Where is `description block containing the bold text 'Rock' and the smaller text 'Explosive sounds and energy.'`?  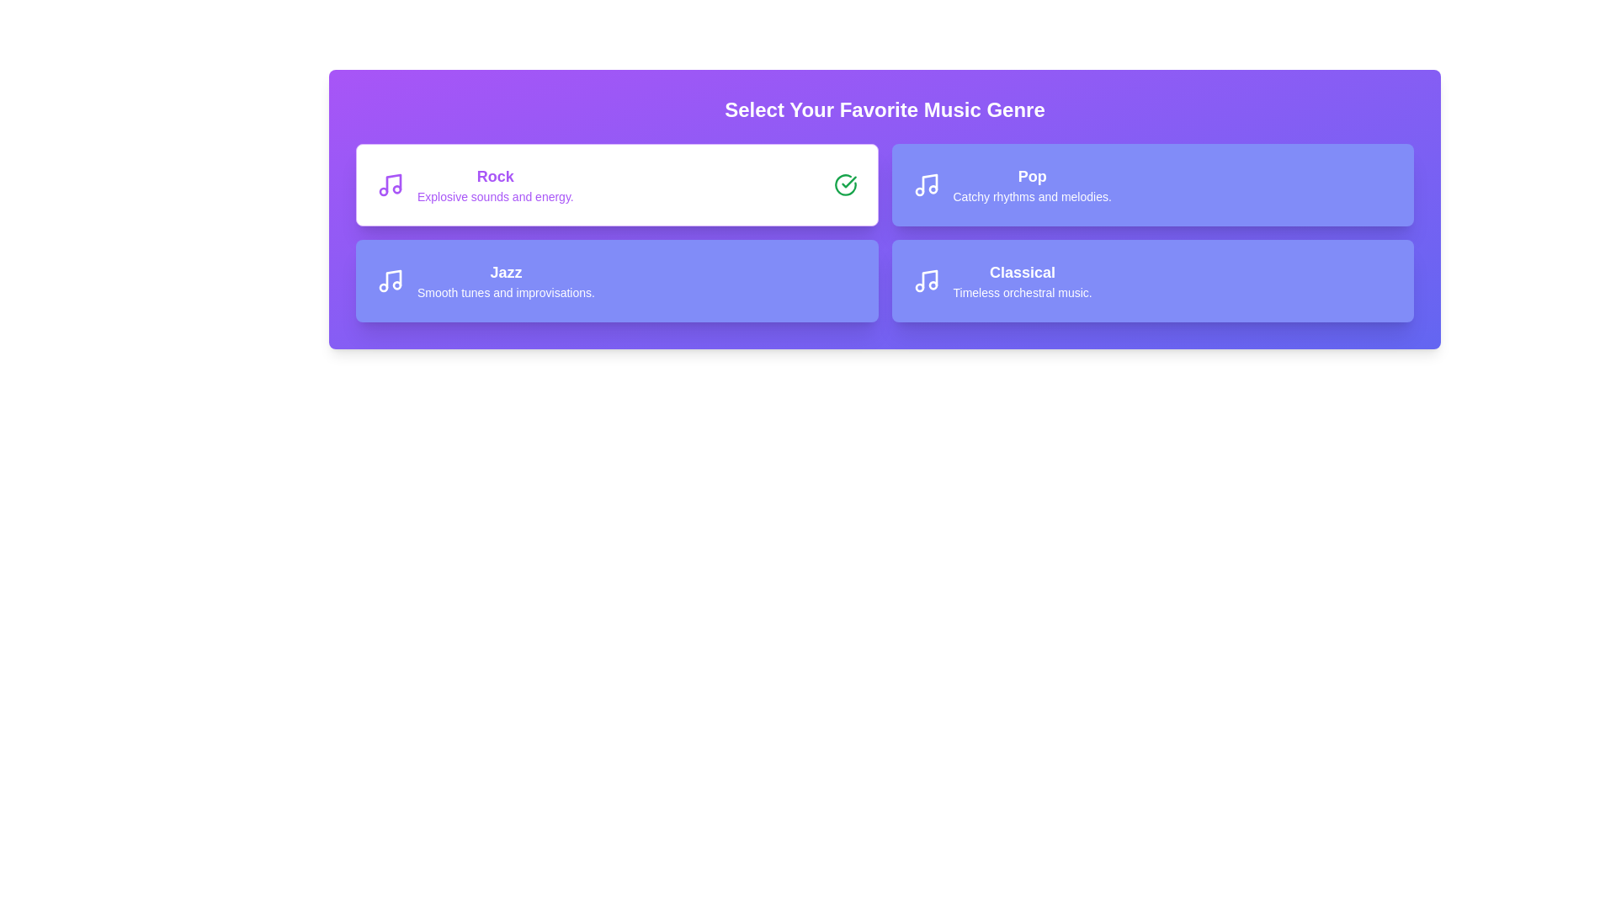
description block containing the bold text 'Rock' and the smaller text 'Explosive sounds and energy.' is located at coordinates (494, 184).